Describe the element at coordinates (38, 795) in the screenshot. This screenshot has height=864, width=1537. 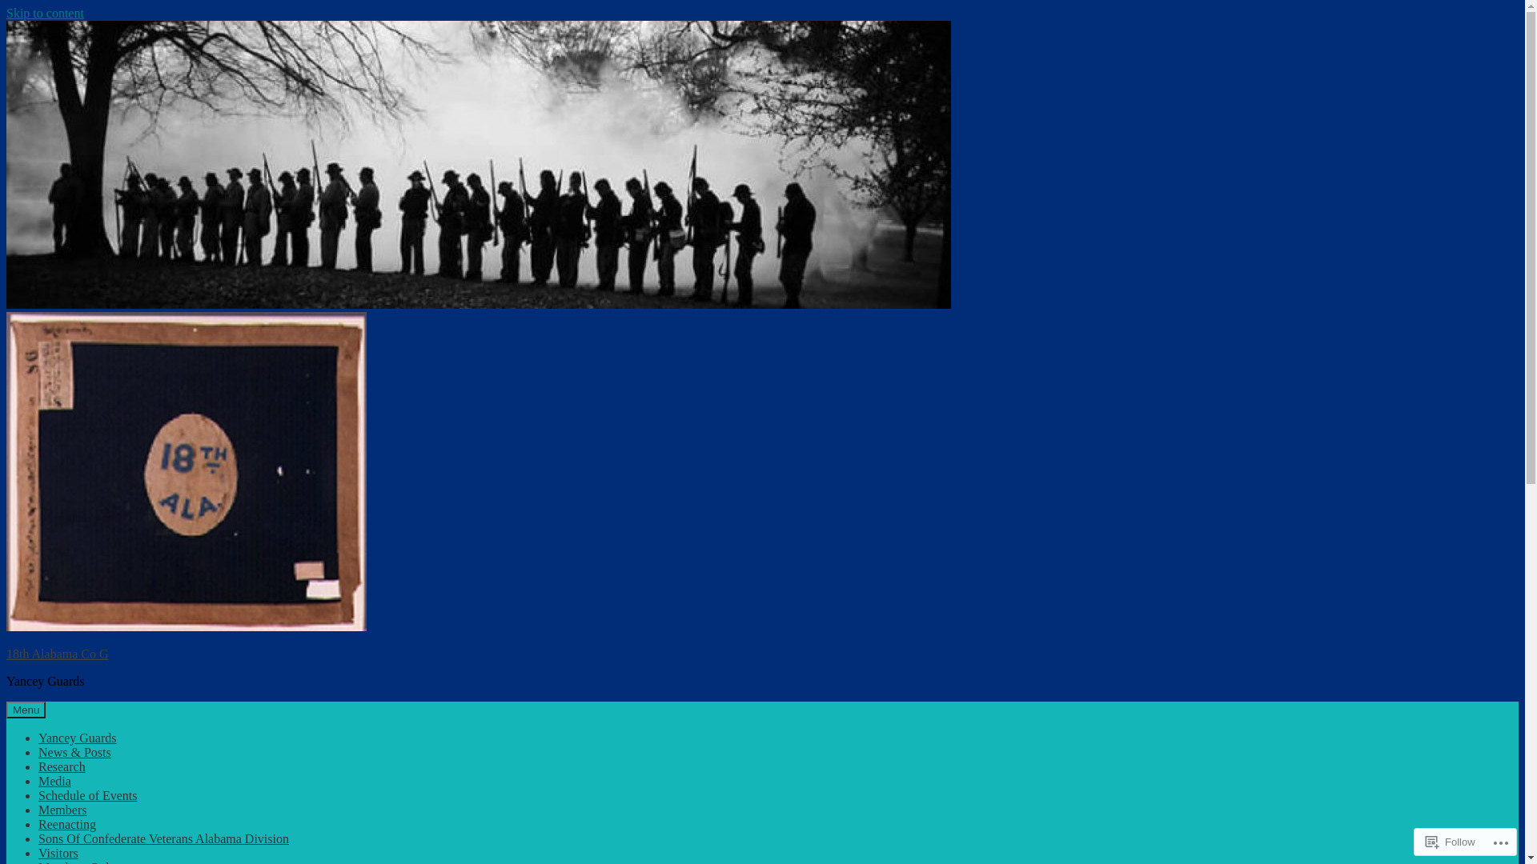
I see `'Schedule of Events'` at that location.